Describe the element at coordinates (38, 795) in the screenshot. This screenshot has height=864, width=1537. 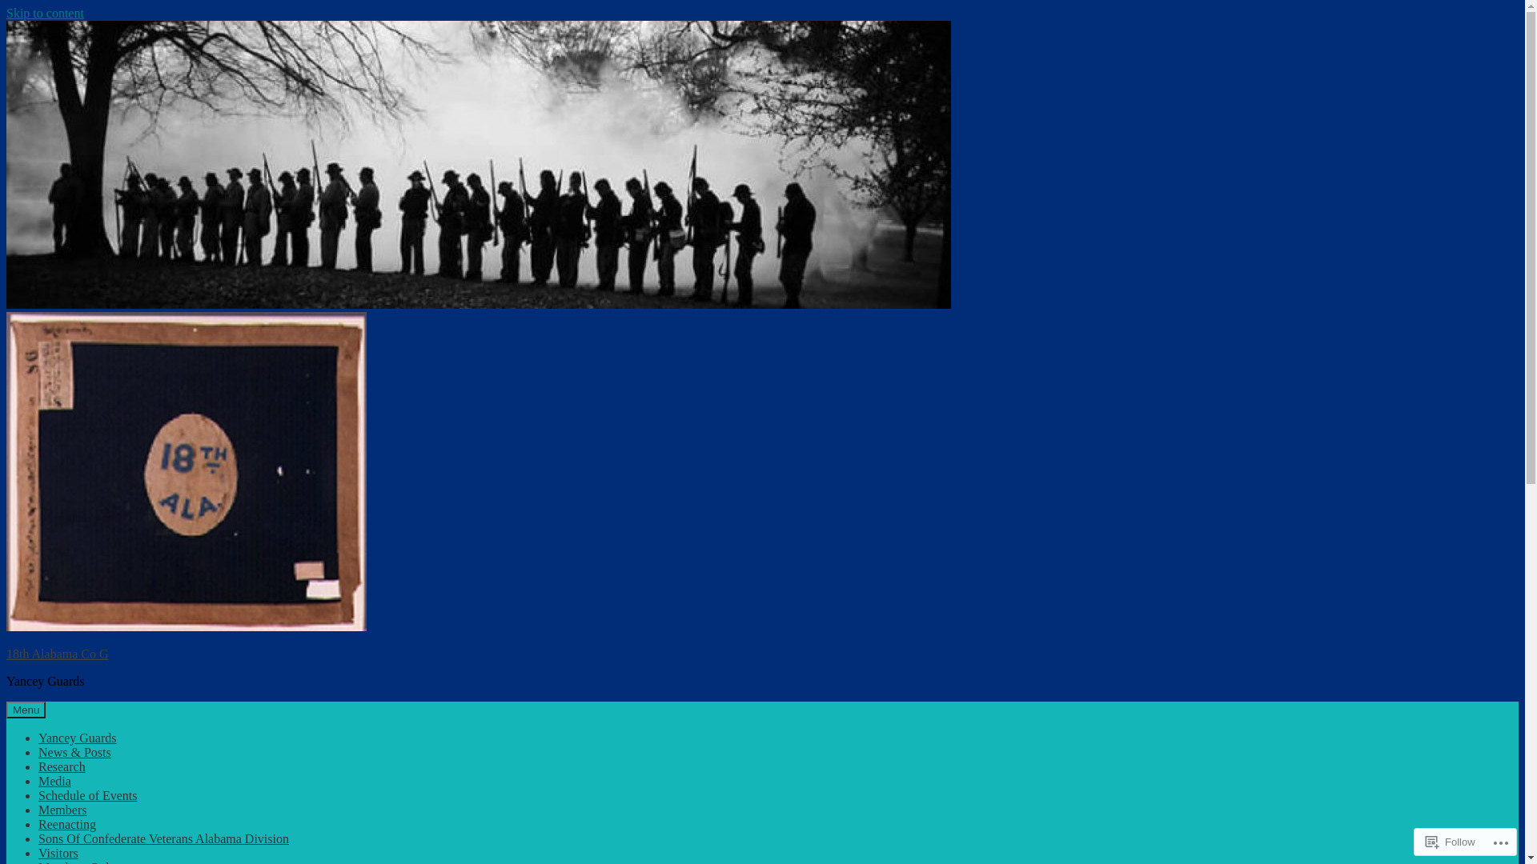
I see `'Schedule of Events'` at that location.